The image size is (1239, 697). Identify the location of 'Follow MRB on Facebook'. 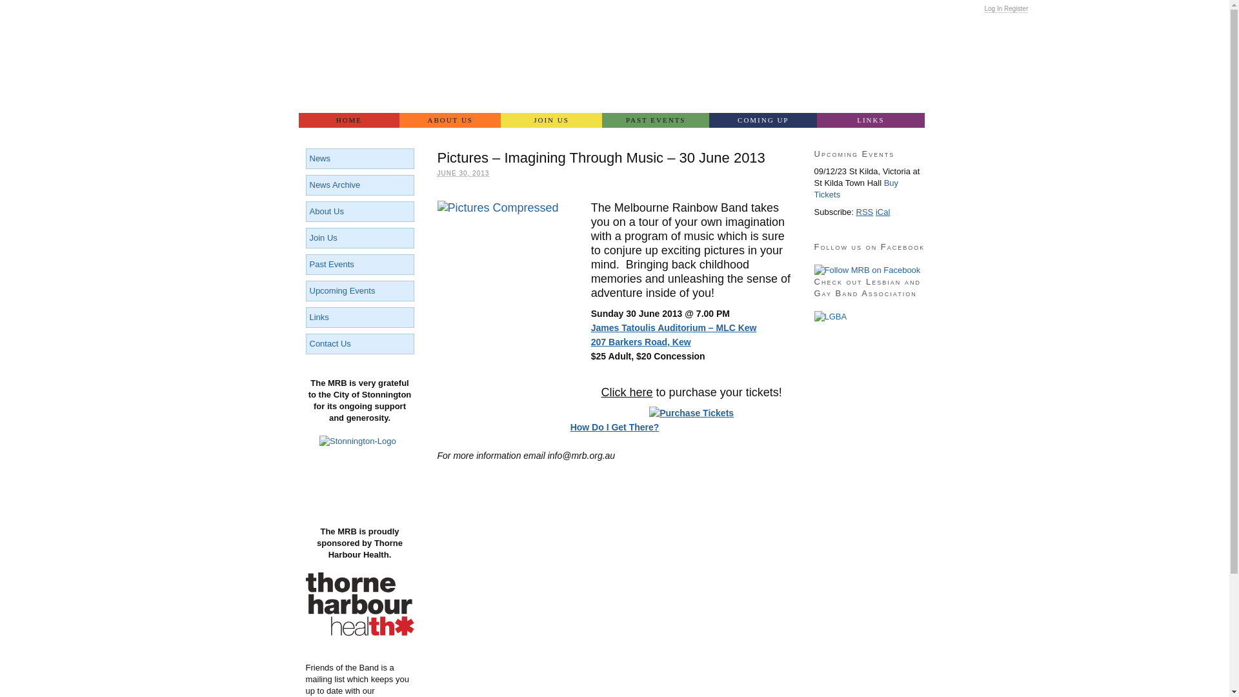
(867, 270).